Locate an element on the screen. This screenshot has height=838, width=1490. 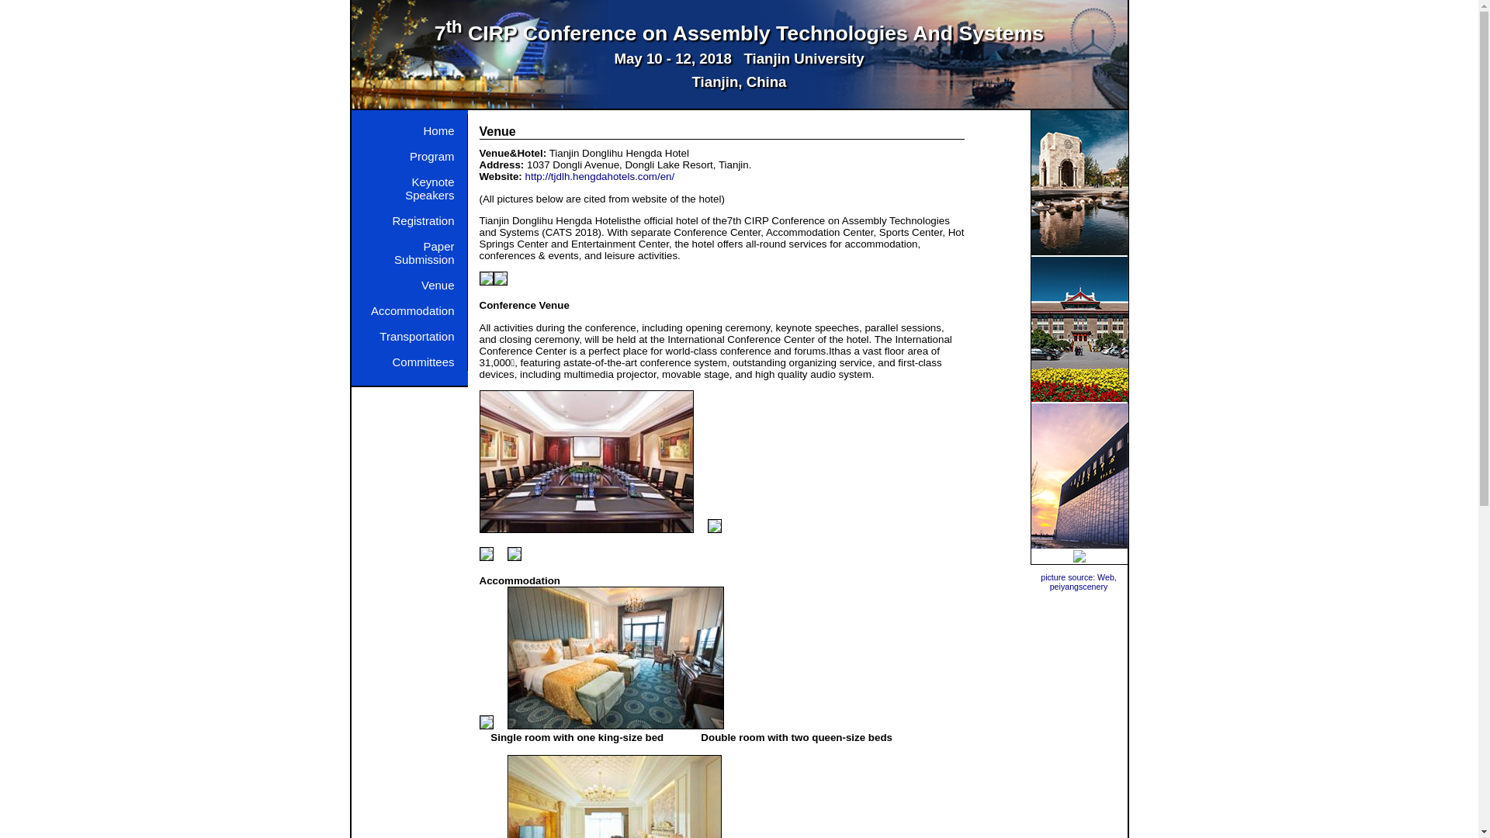
'Registration' is located at coordinates (362, 216).